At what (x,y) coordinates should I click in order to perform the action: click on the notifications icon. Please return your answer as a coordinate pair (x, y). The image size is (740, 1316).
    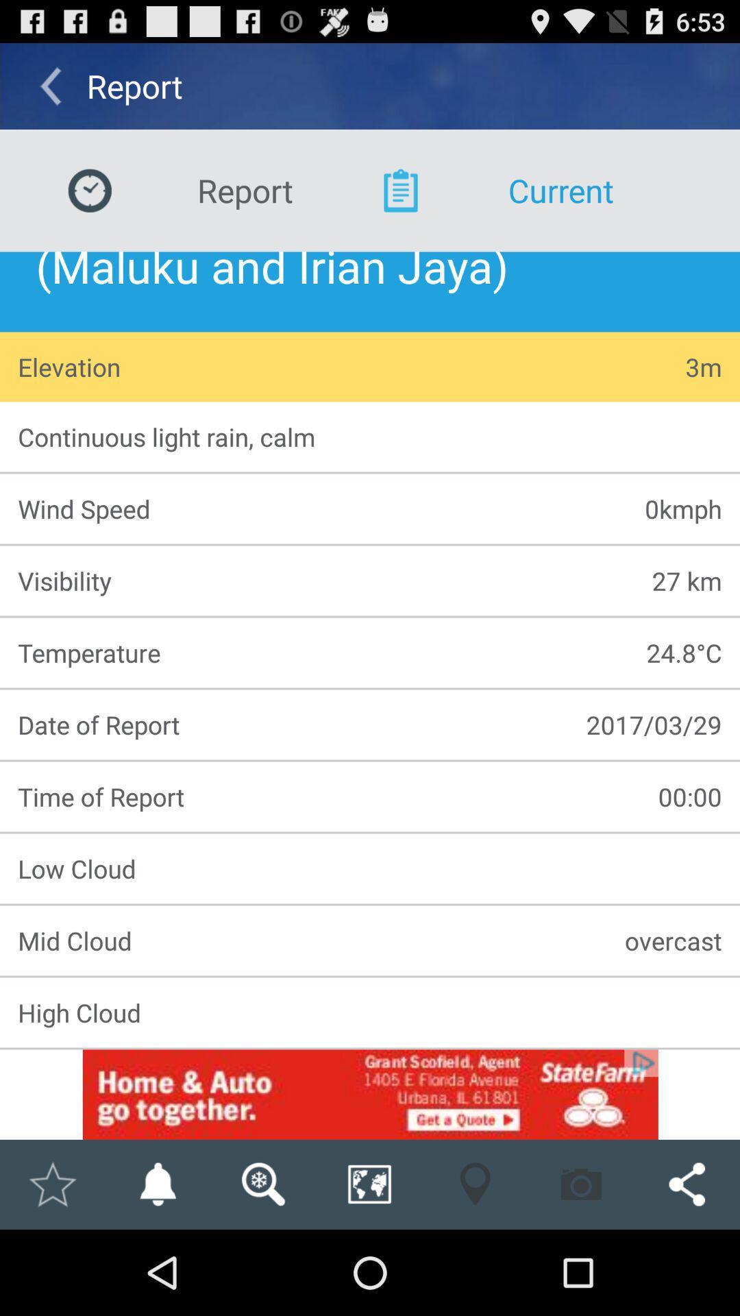
    Looking at the image, I should click on (157, 1267).